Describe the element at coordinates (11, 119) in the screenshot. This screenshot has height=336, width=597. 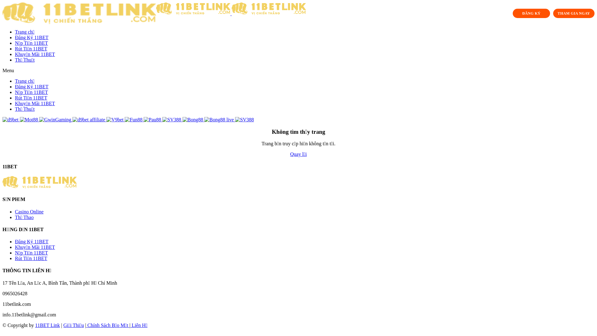
I see `'d9bet'` at that location.